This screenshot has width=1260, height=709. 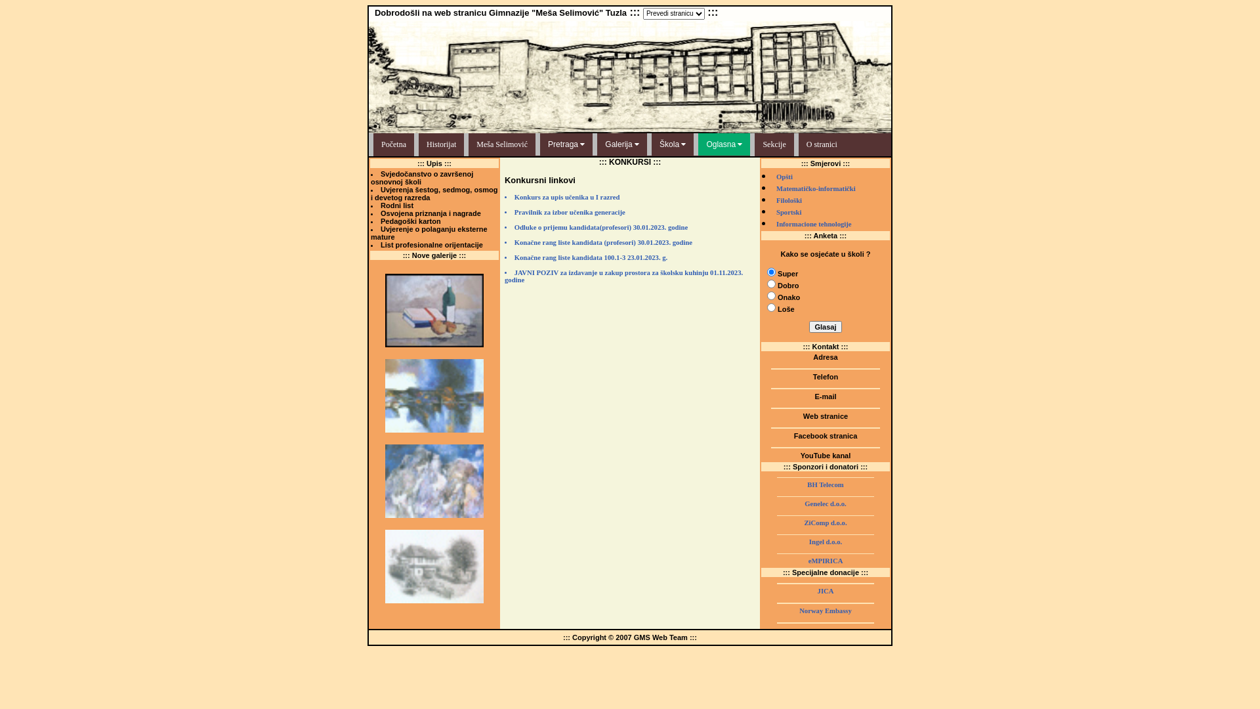 I want to click on 'gmstz@montk.gov.ba', so click(x=824, y=403).